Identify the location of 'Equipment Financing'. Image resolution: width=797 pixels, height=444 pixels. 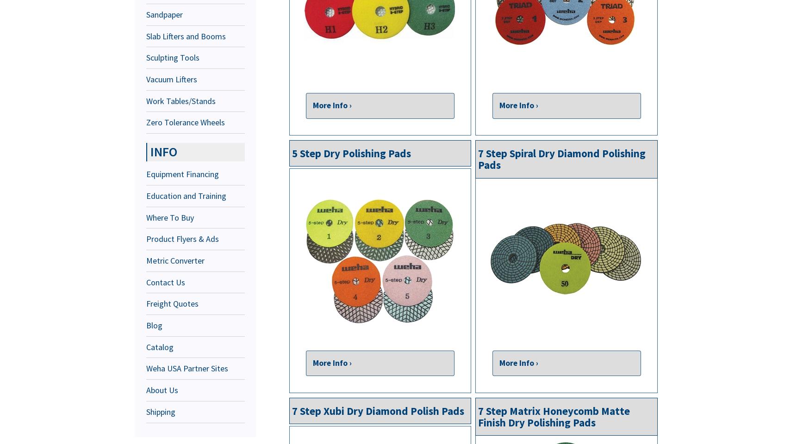
(182, 173).